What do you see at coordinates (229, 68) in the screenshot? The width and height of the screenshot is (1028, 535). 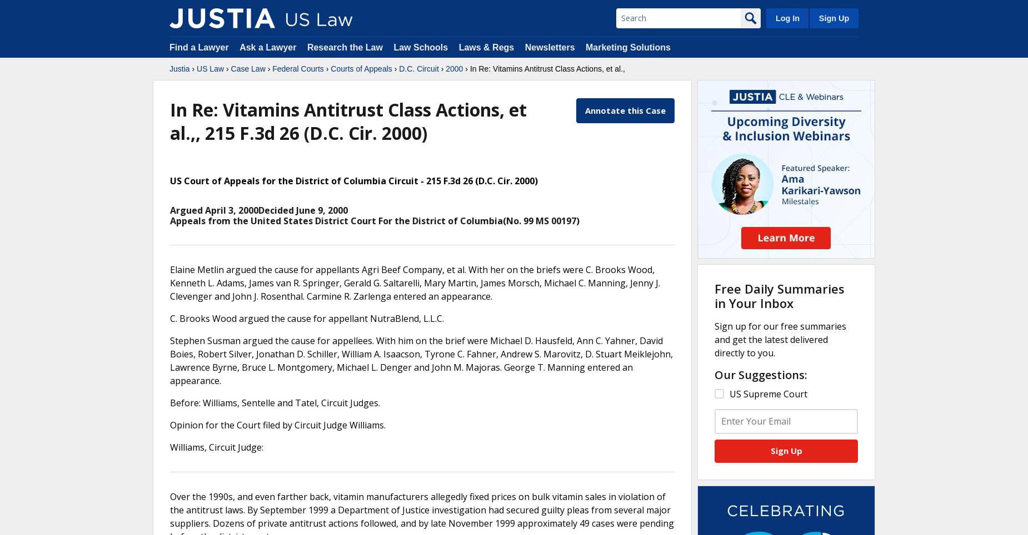 I see `'Case Law'` at bounding box center [229, 68].